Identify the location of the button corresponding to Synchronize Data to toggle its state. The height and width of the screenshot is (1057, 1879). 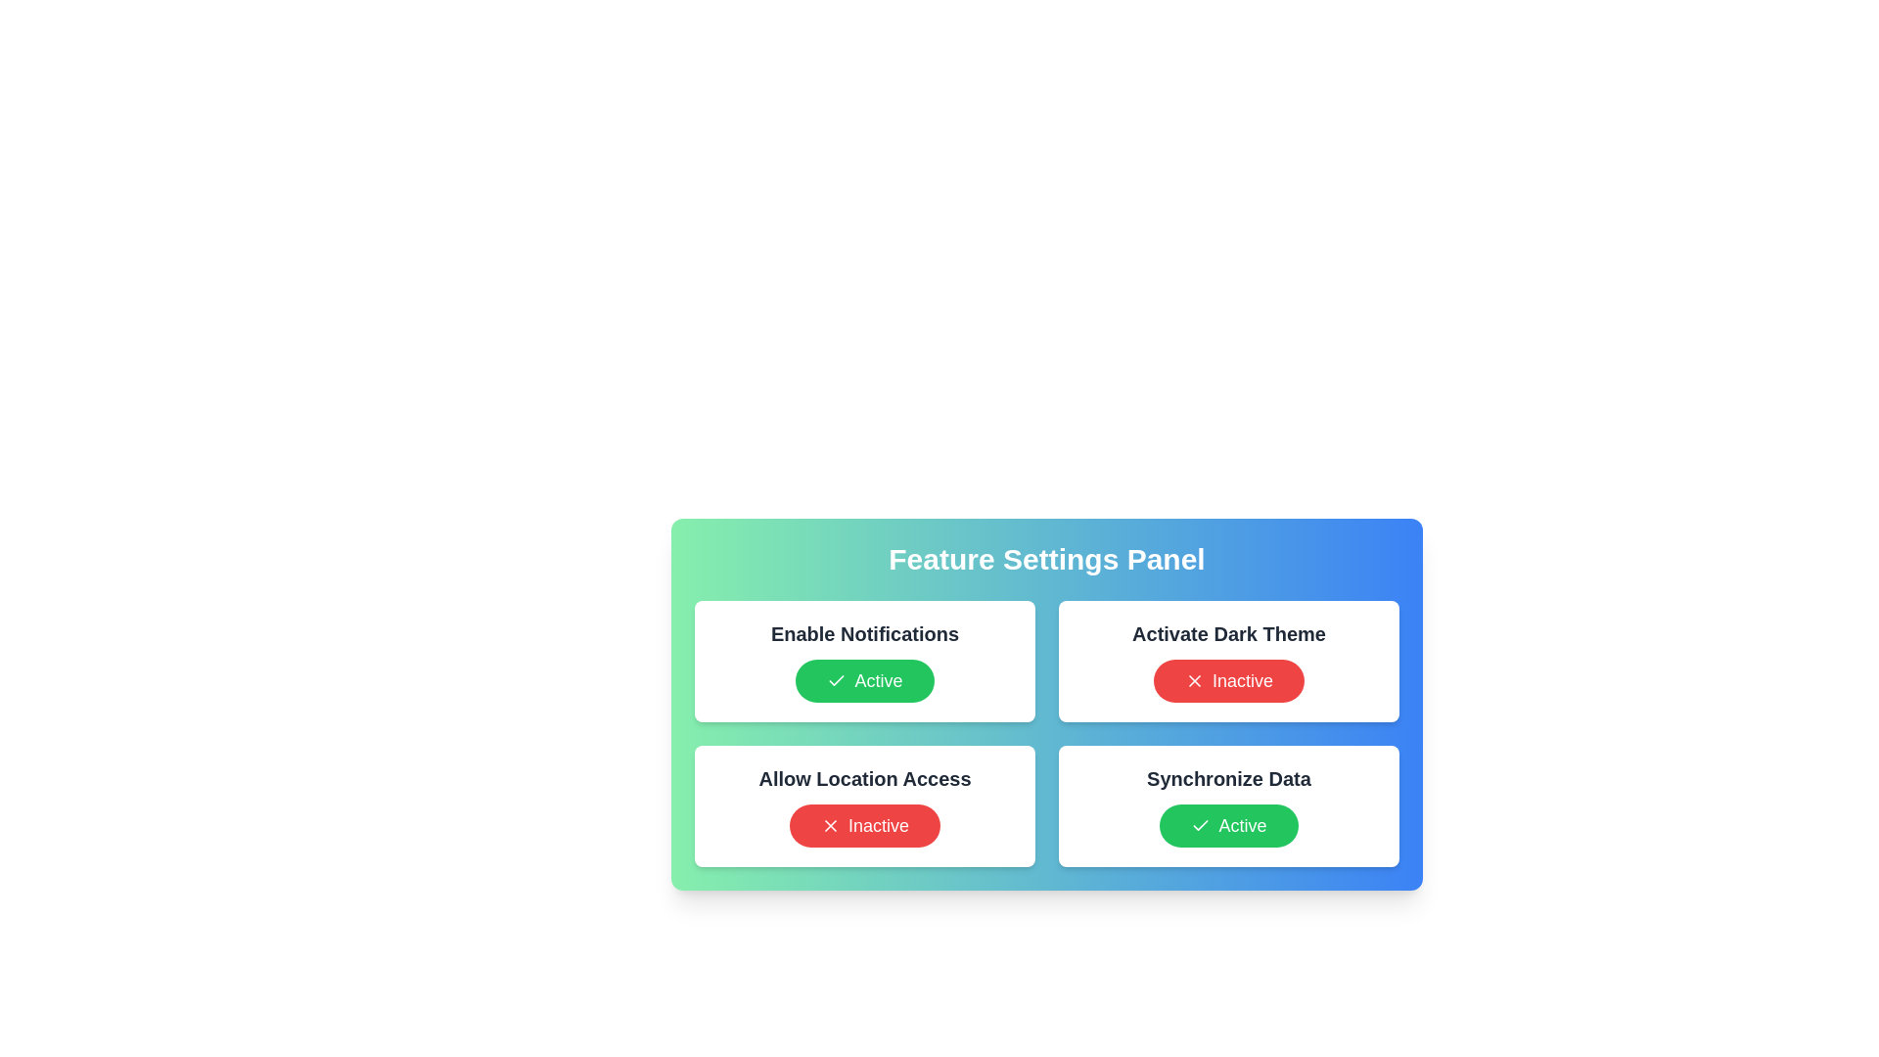
(1228, 826).